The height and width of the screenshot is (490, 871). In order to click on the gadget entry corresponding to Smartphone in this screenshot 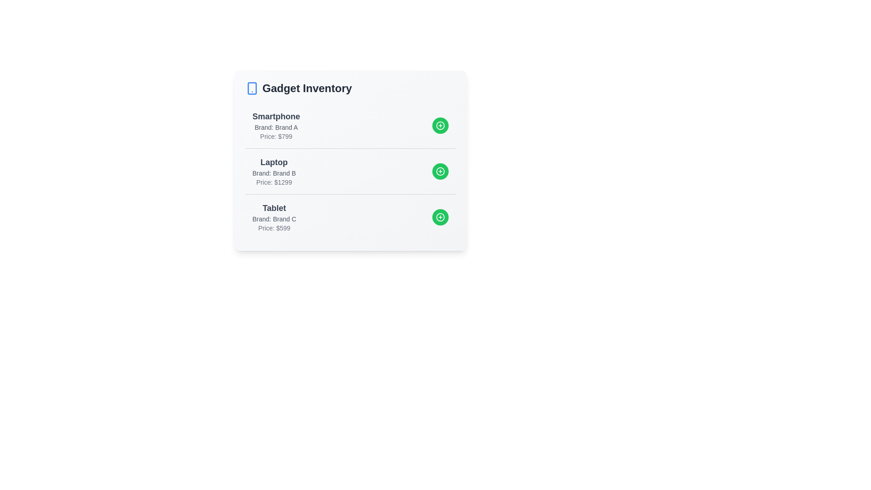, I will do `click(350, 126)`.